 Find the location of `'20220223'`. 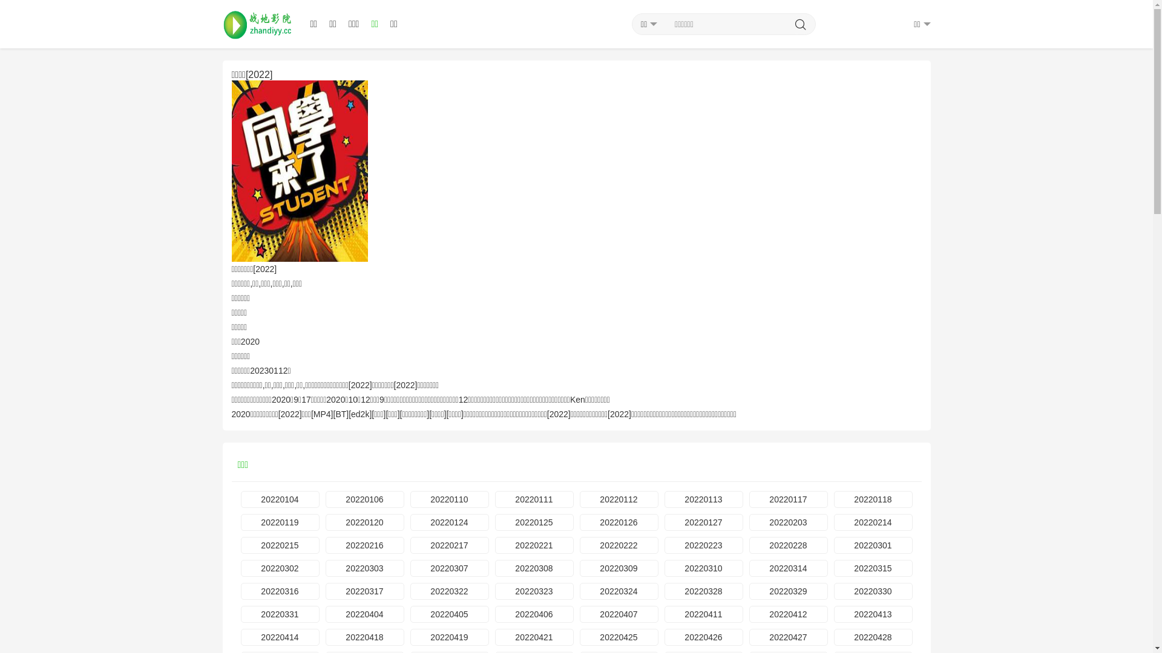

'20220223' is located at coordinates (664, 545).